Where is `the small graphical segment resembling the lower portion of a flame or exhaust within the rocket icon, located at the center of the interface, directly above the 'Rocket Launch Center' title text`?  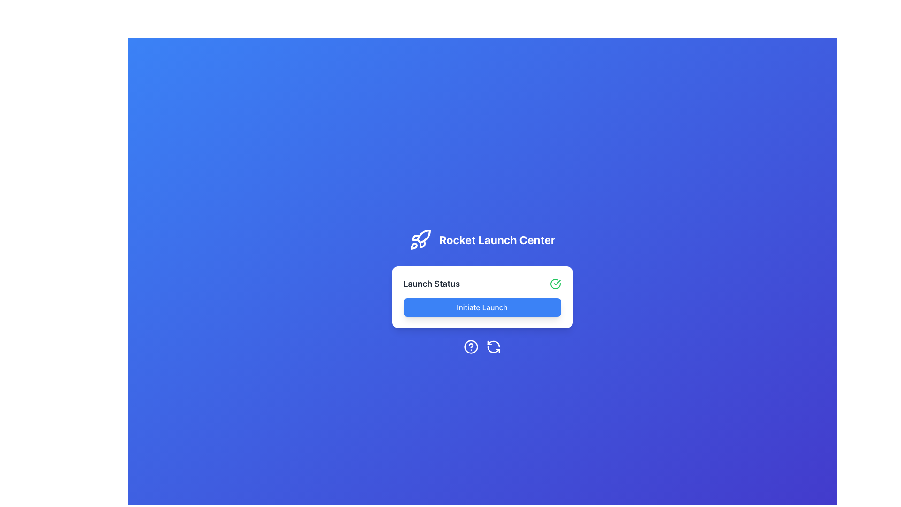 the small graphical segment resembling the lower portion of a flame or exhaust within the rocket icon, located at the center of the interface, directly above the 'Rocket Launch Center' title text is located at coordinates (416, 237).